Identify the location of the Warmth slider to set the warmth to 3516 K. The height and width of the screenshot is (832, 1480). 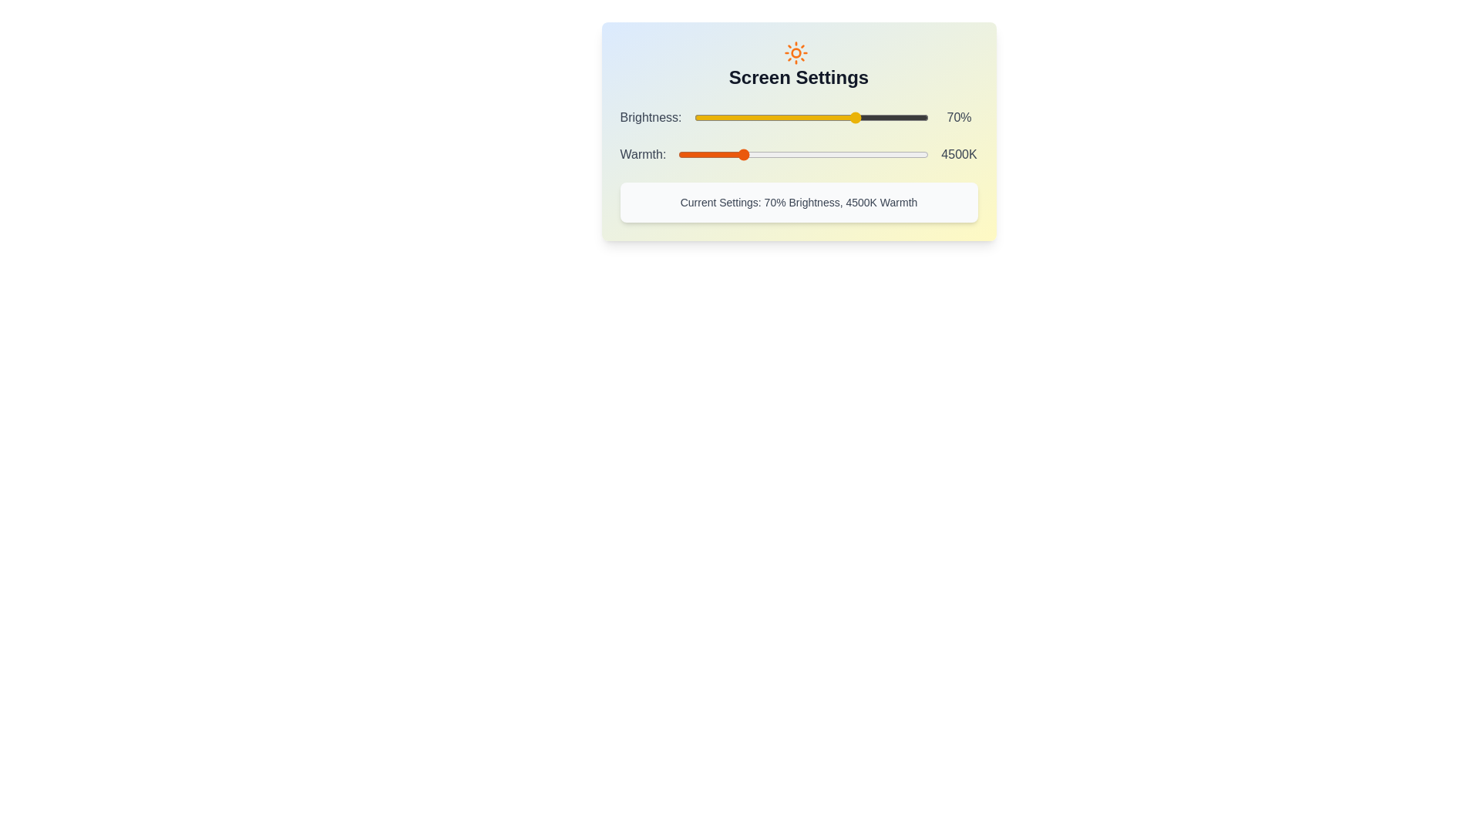
(699, 154).